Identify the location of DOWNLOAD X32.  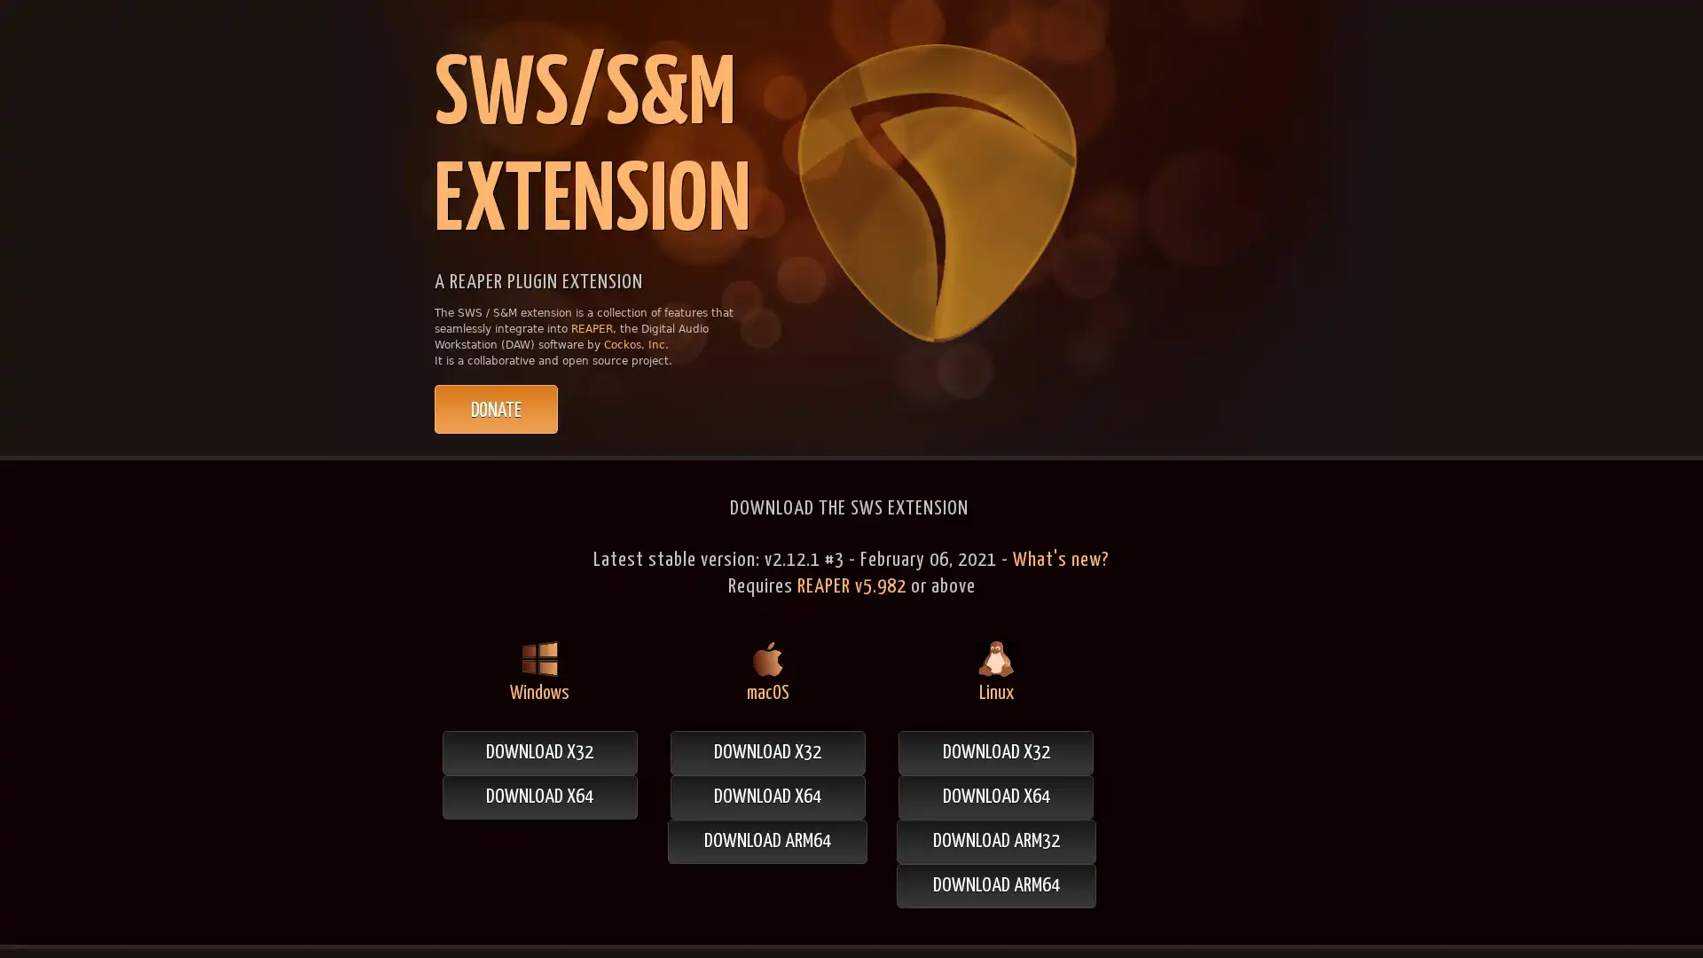
(1135, 752).